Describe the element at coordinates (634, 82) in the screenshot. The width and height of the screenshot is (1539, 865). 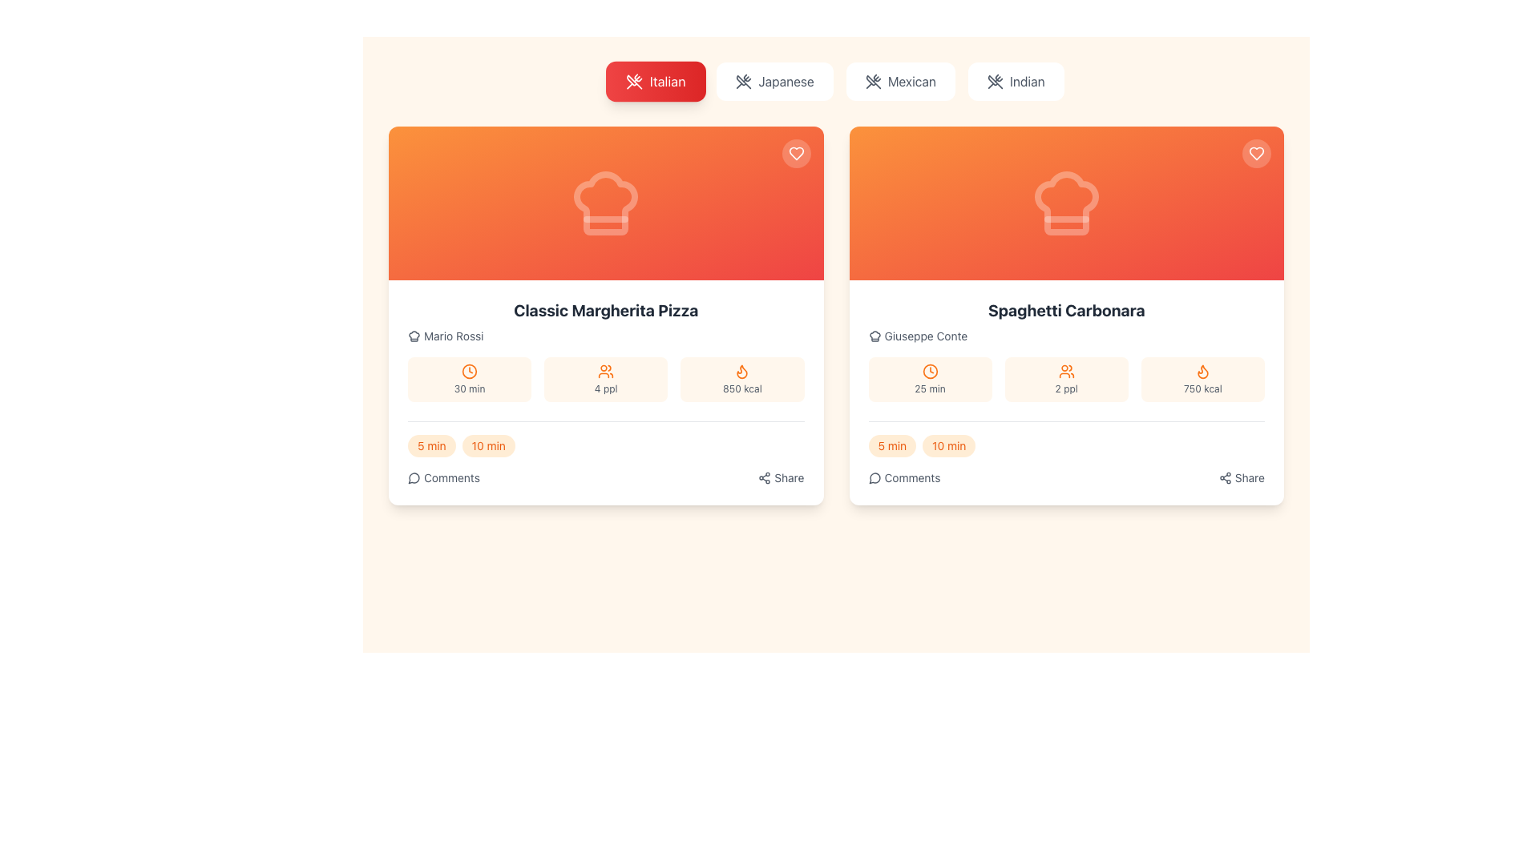
I see `the 'Italian' category button by clicking on the button that visually represents the chosen category with an SVG Icon of utensils` at that location.